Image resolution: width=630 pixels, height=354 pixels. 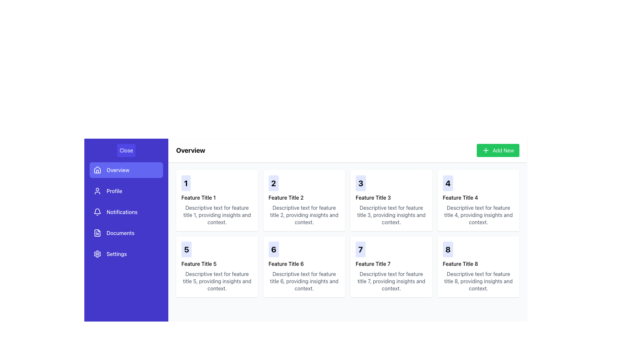 What do you see at coordinates (122, 212) in the screenshot?
I see `the 'Notifications' text label in the sidebar menu, which is styled with medium font weight and located next to the bell icon` at bounding box center [122, 212].